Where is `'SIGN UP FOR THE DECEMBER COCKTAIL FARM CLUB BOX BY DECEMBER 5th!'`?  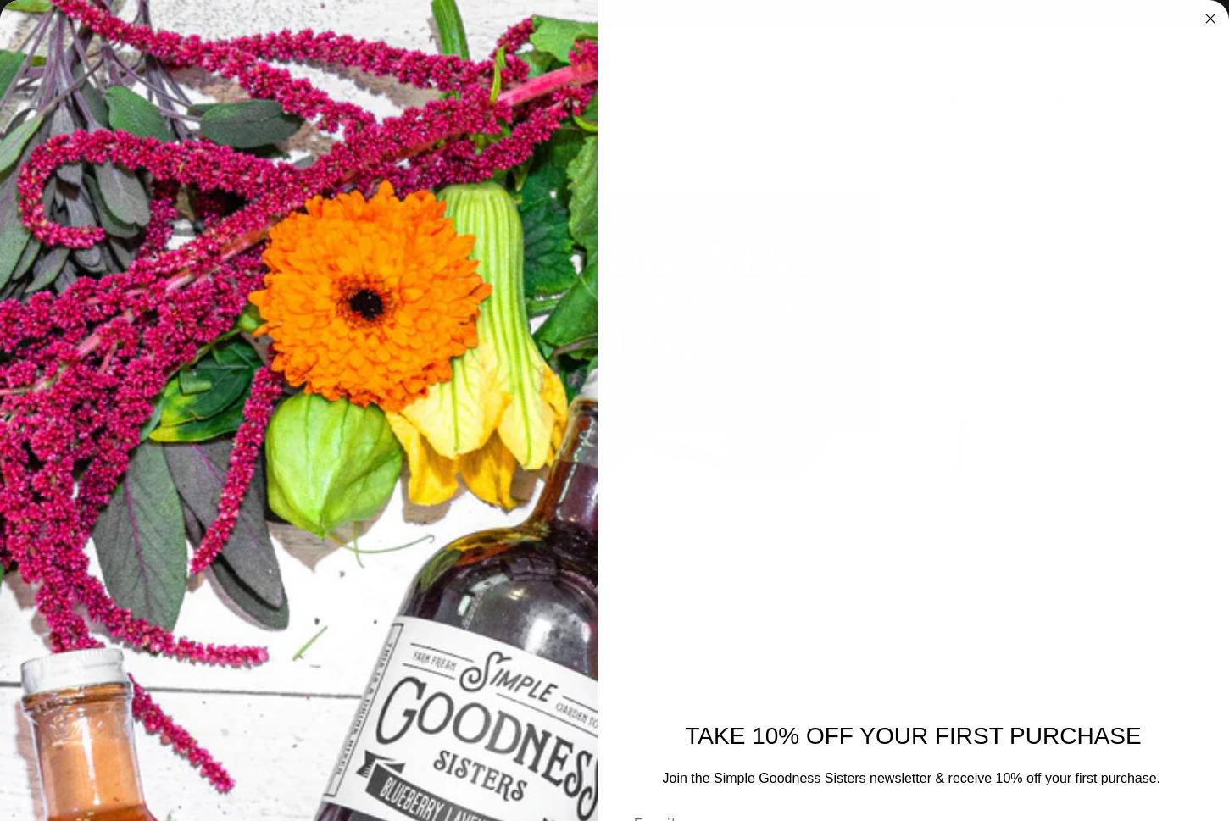 'SIGN UP FOR THE DECEMBER COCKTAIL FARM CLUB BOX BY DECEMBER 5th!' is located at coordinates (613, 14).